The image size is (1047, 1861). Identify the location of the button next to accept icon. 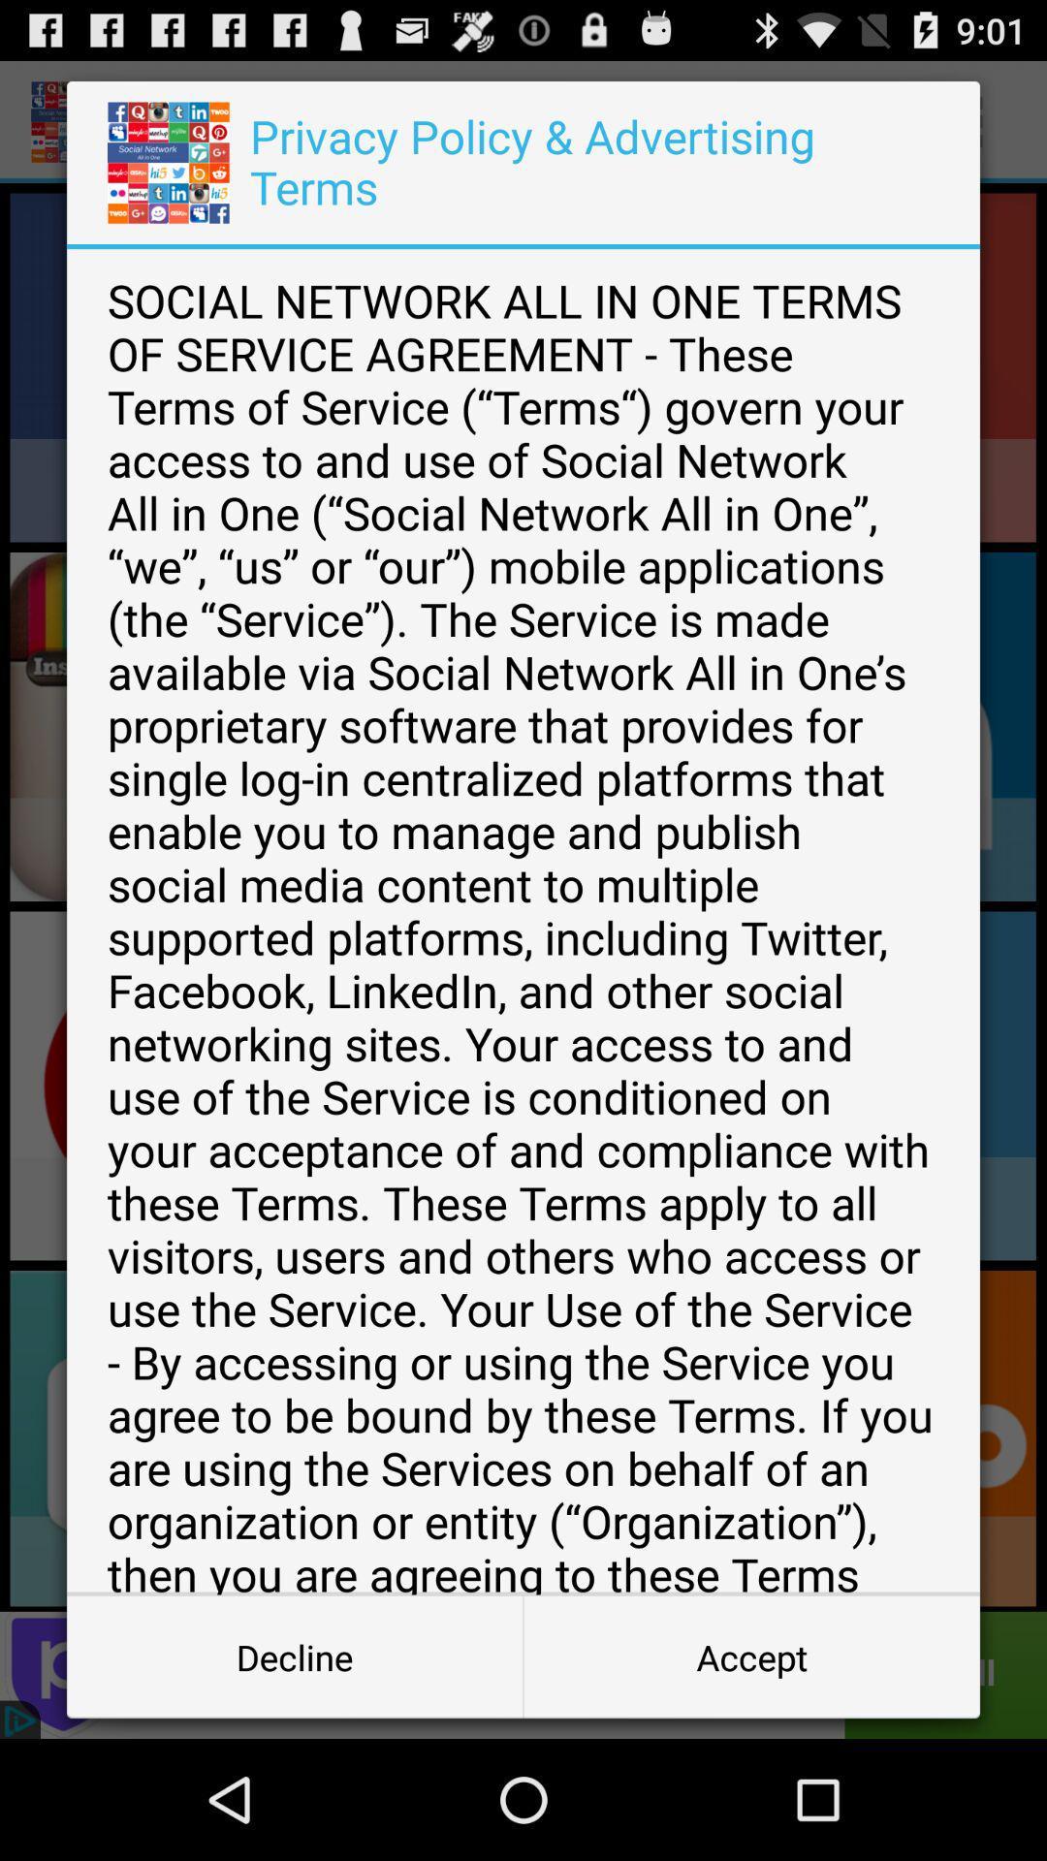
(295, 1656).